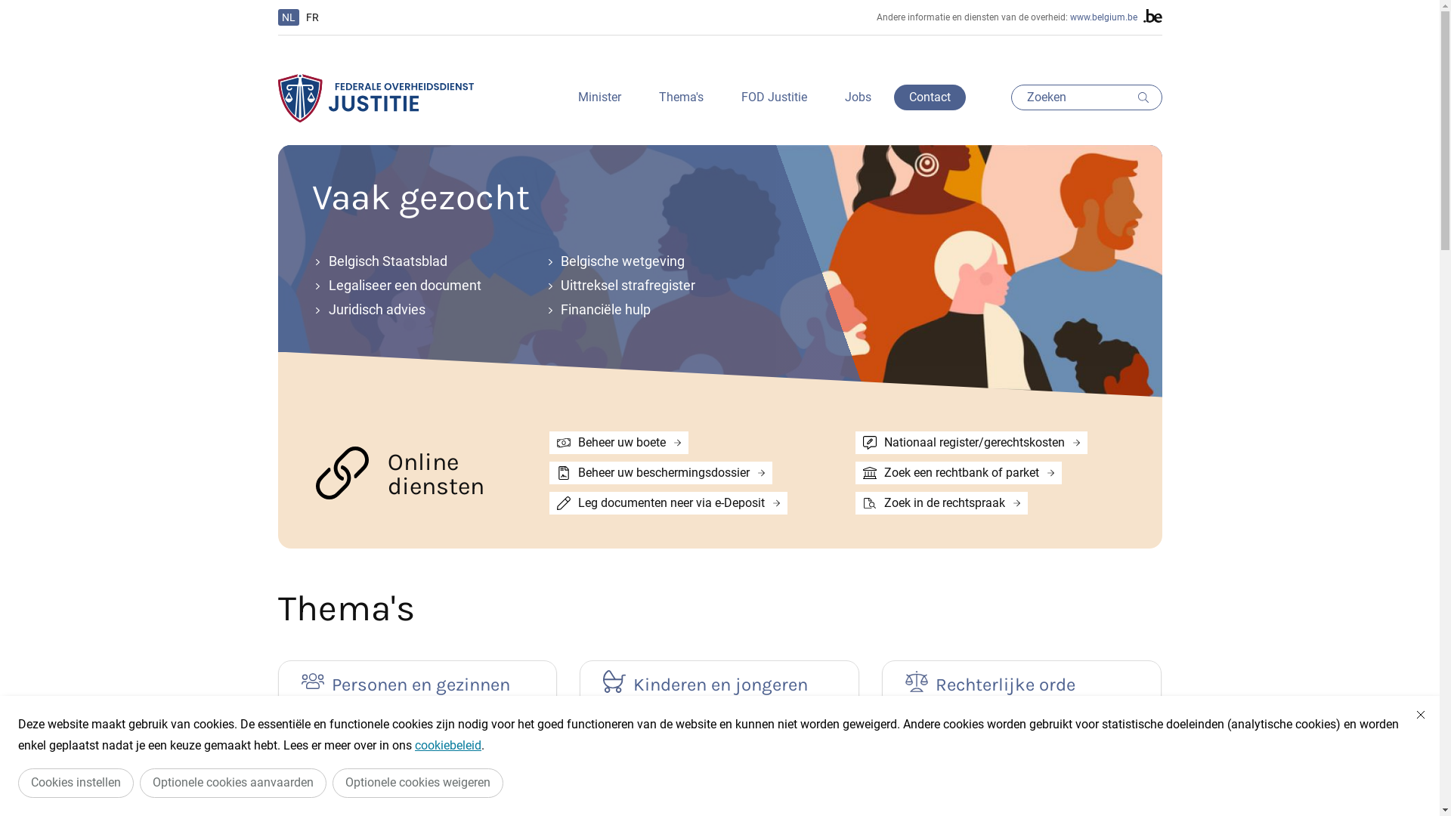 The width and height of the screenshot is (1451, 816). What do you see at coordinates (642, 286) in the screenshot?
I see `'Uittreksel strafregister'` at bounding box center [642, 286].